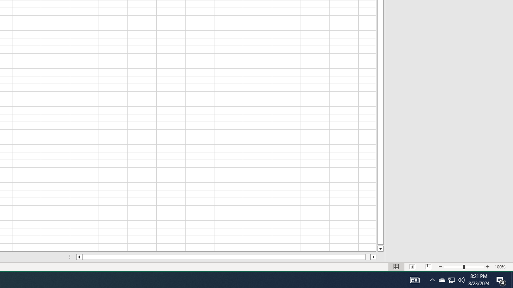 The width and height of the screenshot is (513, 288). What do you see at coordinates (511, 279) in the screenshot?
I see `'Show desktop'` at bounding box center [511, 279].